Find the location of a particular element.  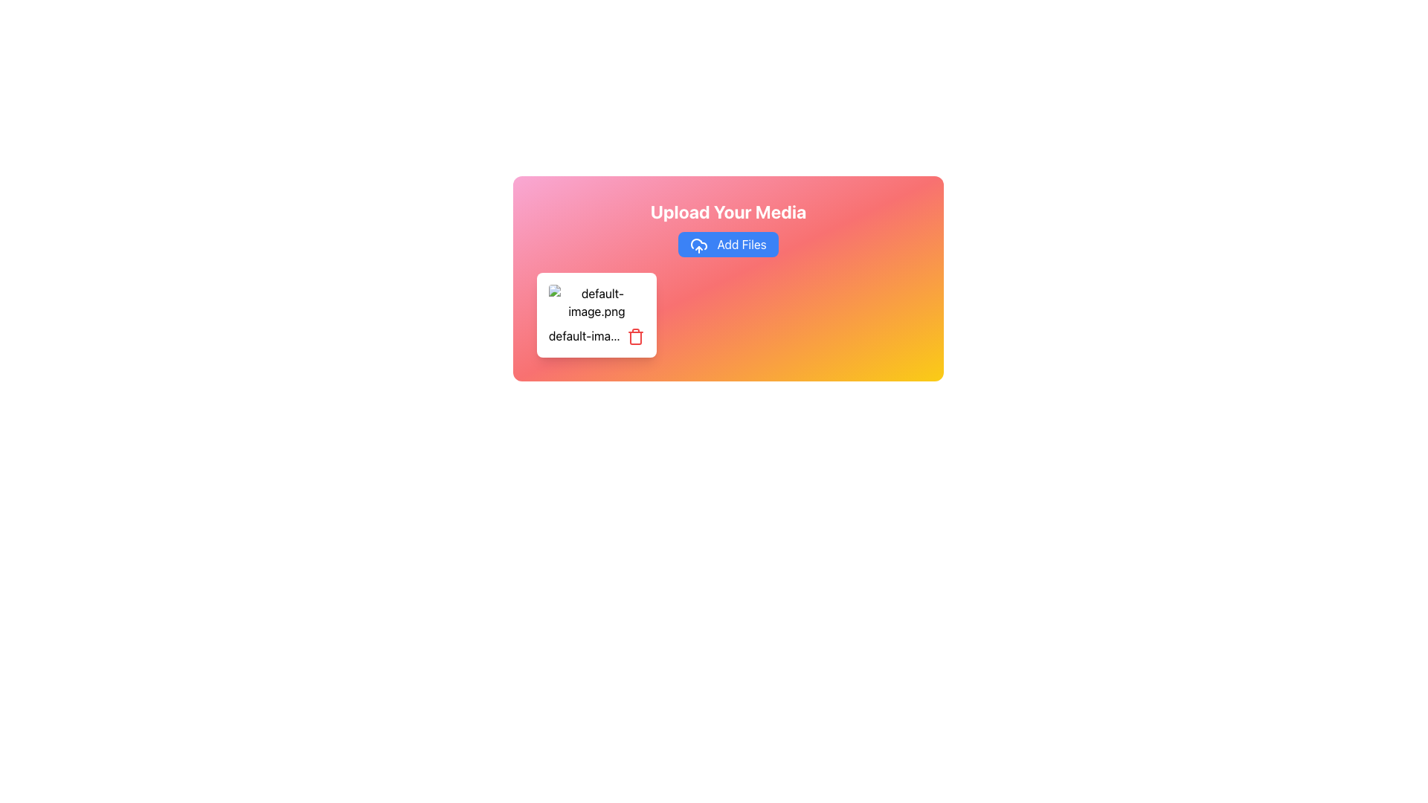

the delete icon next to the filename 'default-image.png' is located at coordinates (635, 335).